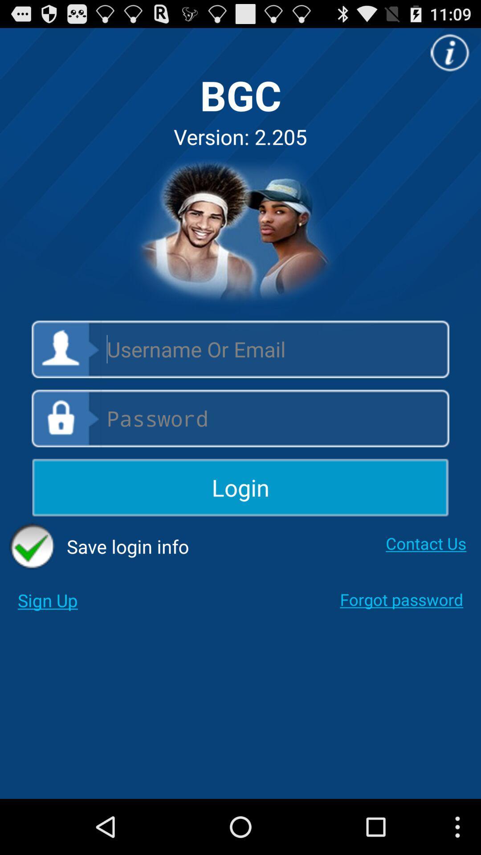 The width and height of the screenshot is (481, 855). What do you see at coordinates (425, 543) in the screenshot?
I see `the checkbox next to   save login info` at bounding box center [425, 543].